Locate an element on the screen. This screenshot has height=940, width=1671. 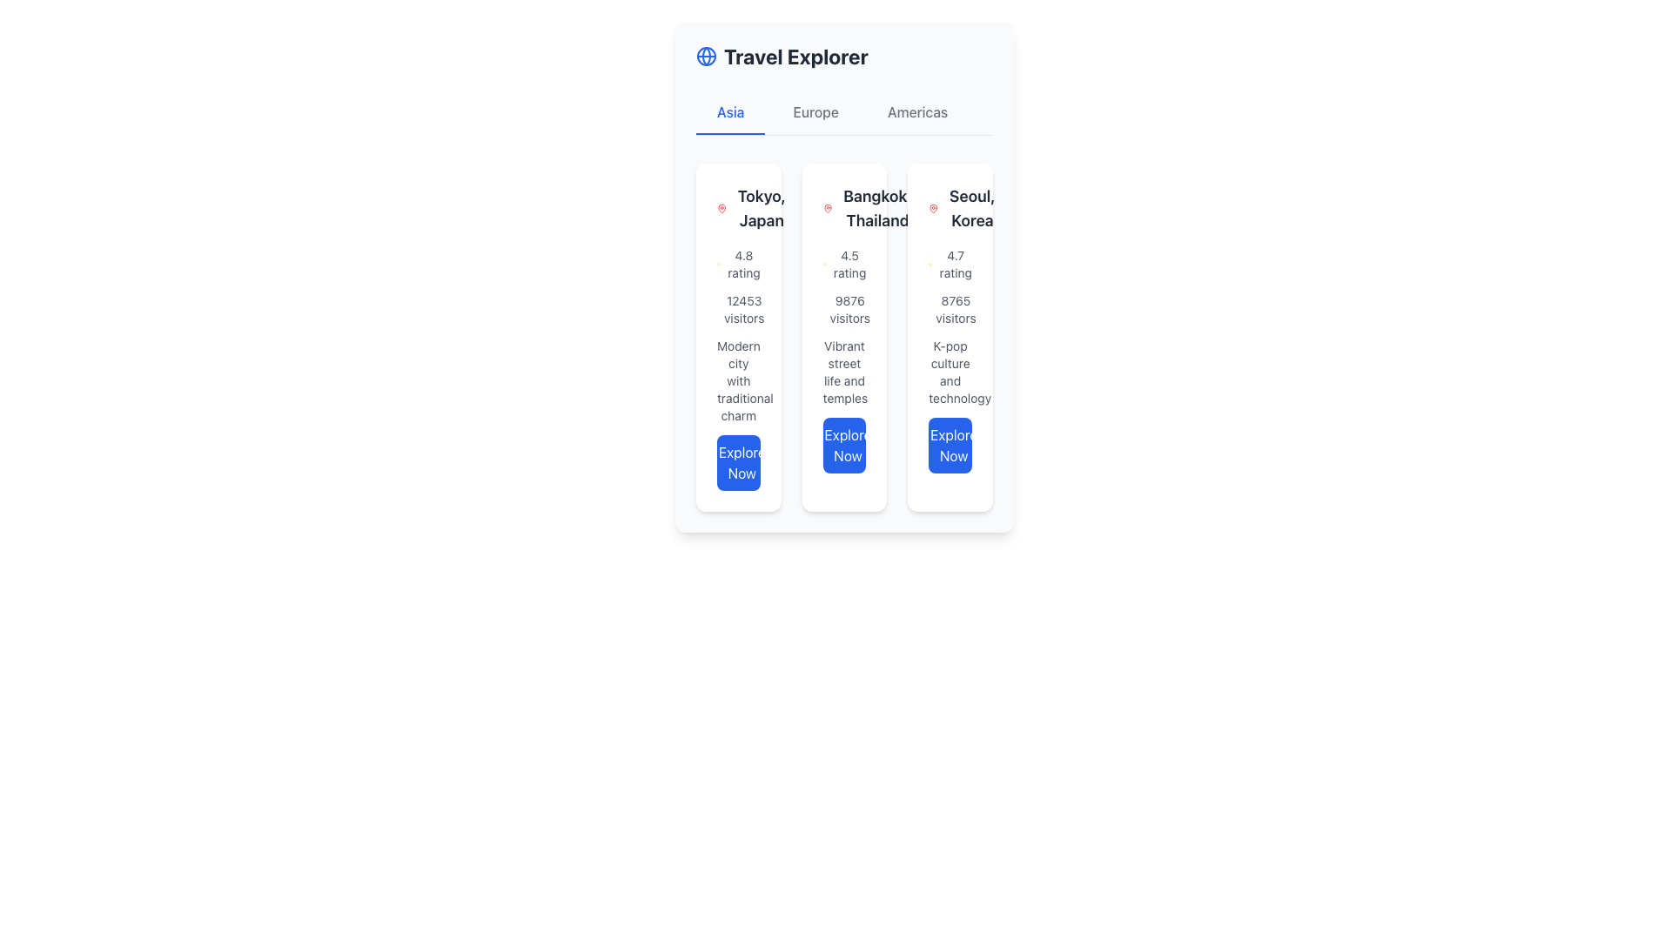
the star icon representing a 4.5 rating, which is located to the left of the '4.5 rating' text in the middle column of a three-column layout is located at coordinates (823, 265).